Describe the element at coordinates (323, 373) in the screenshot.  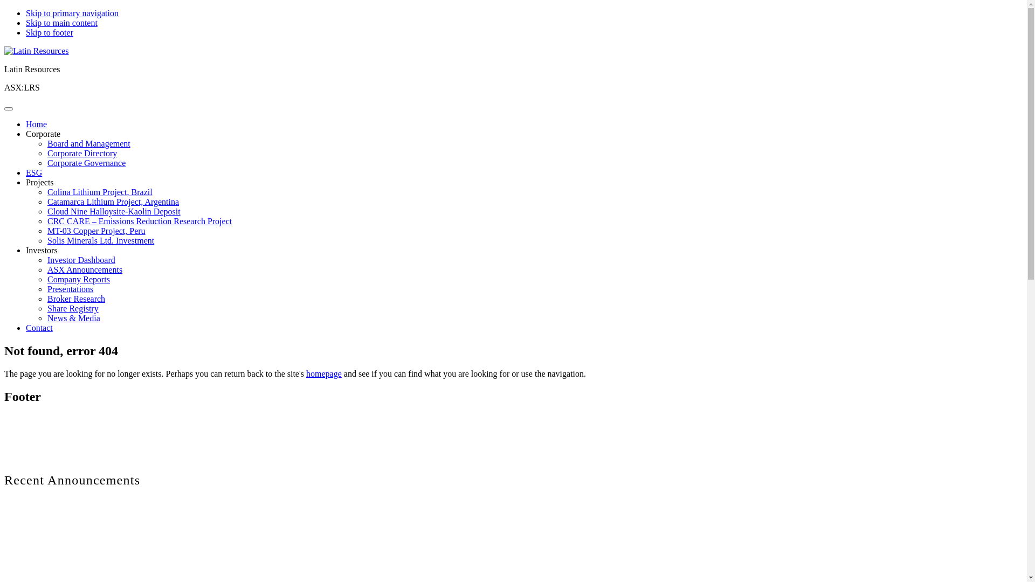
I see `'homepage'` at that location.